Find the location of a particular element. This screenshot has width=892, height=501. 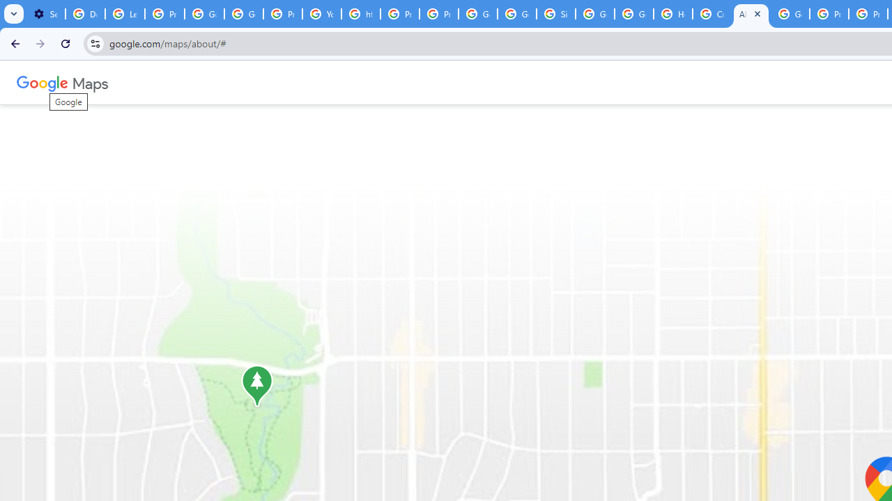

'Settings - Performance' is located at coordinates (45, 14).